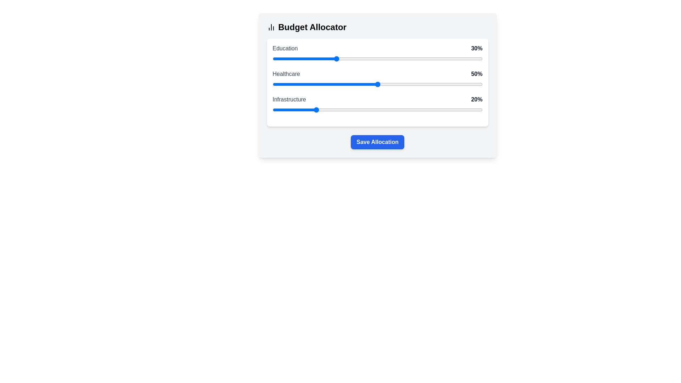  Describe the element at coordinates (421, 58) in the screenshot. I see `the education allocation` at that location.